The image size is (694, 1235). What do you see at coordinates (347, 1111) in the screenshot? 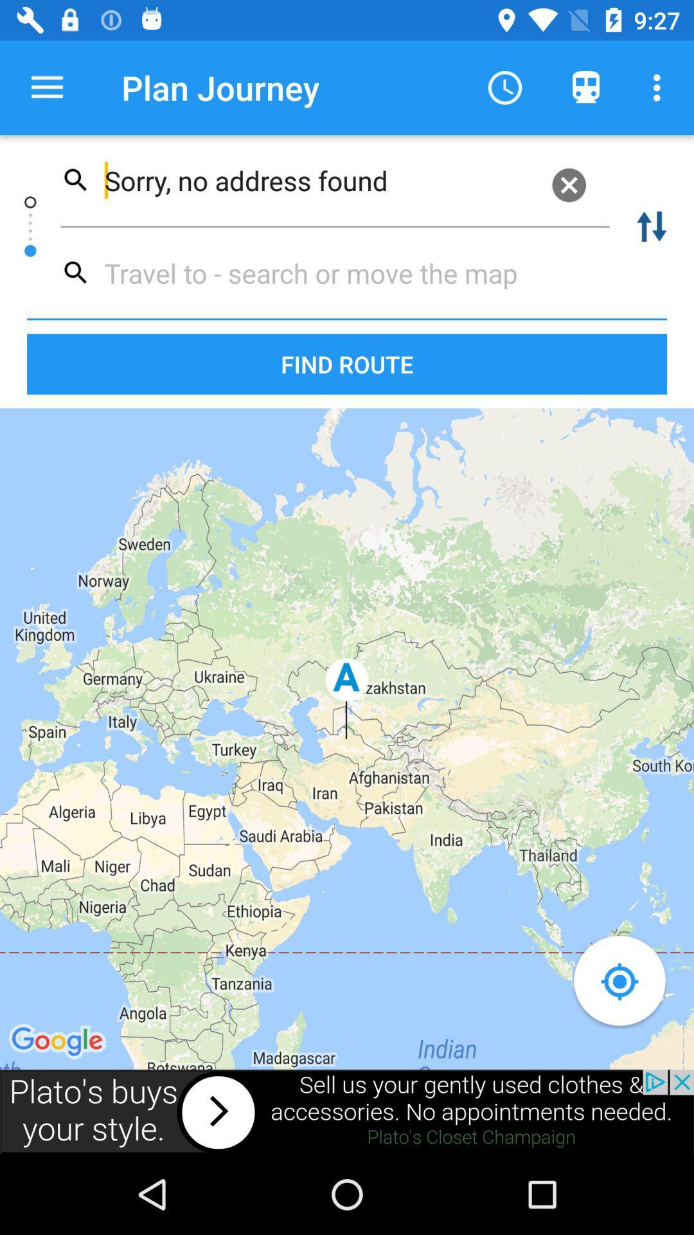
I see `open` at bounding box center [347, 1111].